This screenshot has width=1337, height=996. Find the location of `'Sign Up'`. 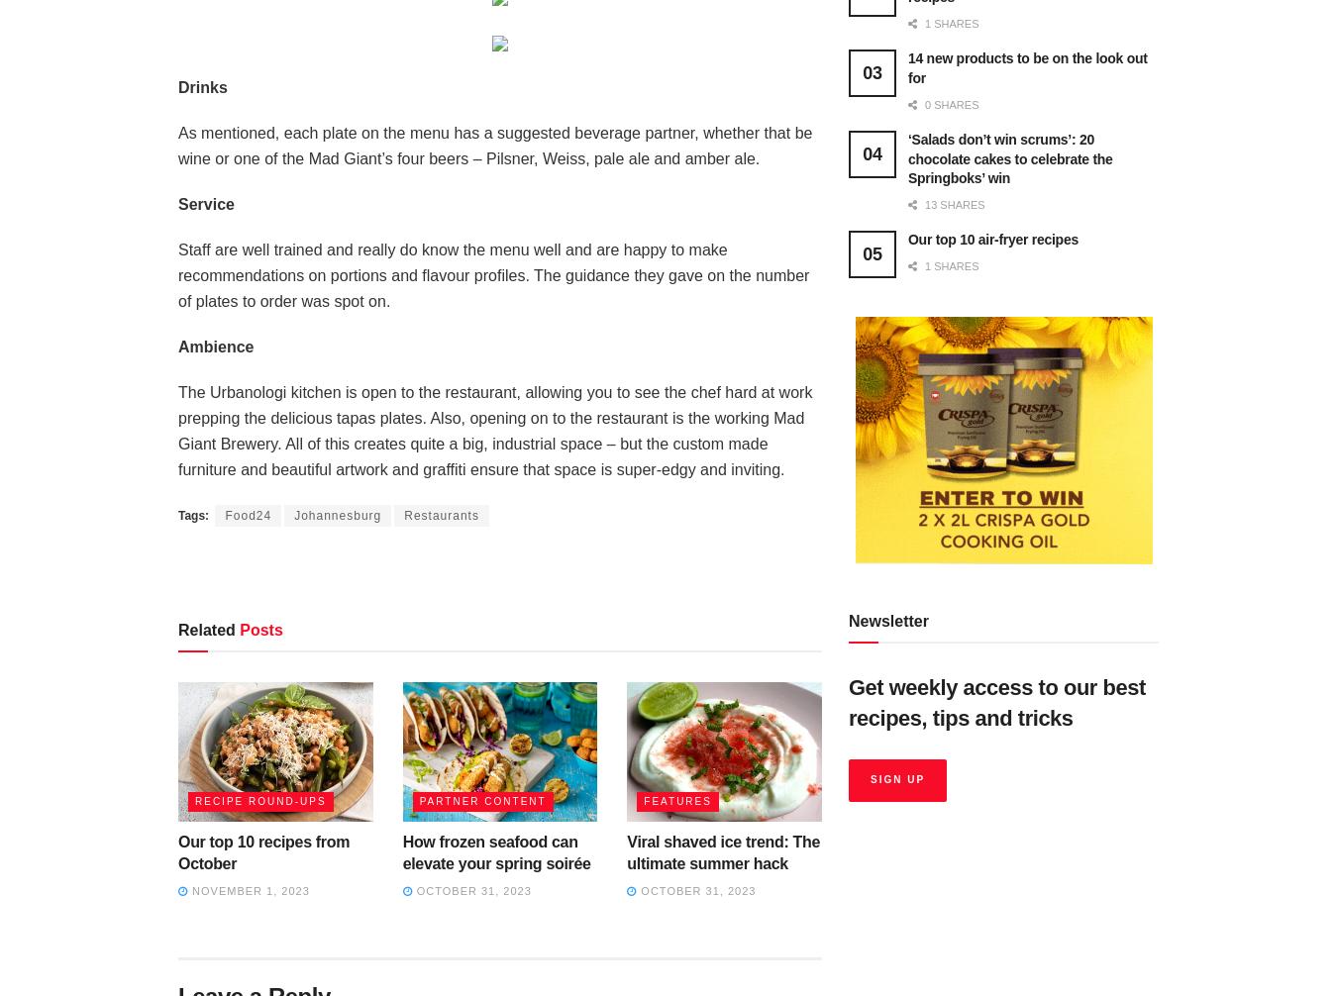

'Sign Up' is located at coordinates (896, 778).